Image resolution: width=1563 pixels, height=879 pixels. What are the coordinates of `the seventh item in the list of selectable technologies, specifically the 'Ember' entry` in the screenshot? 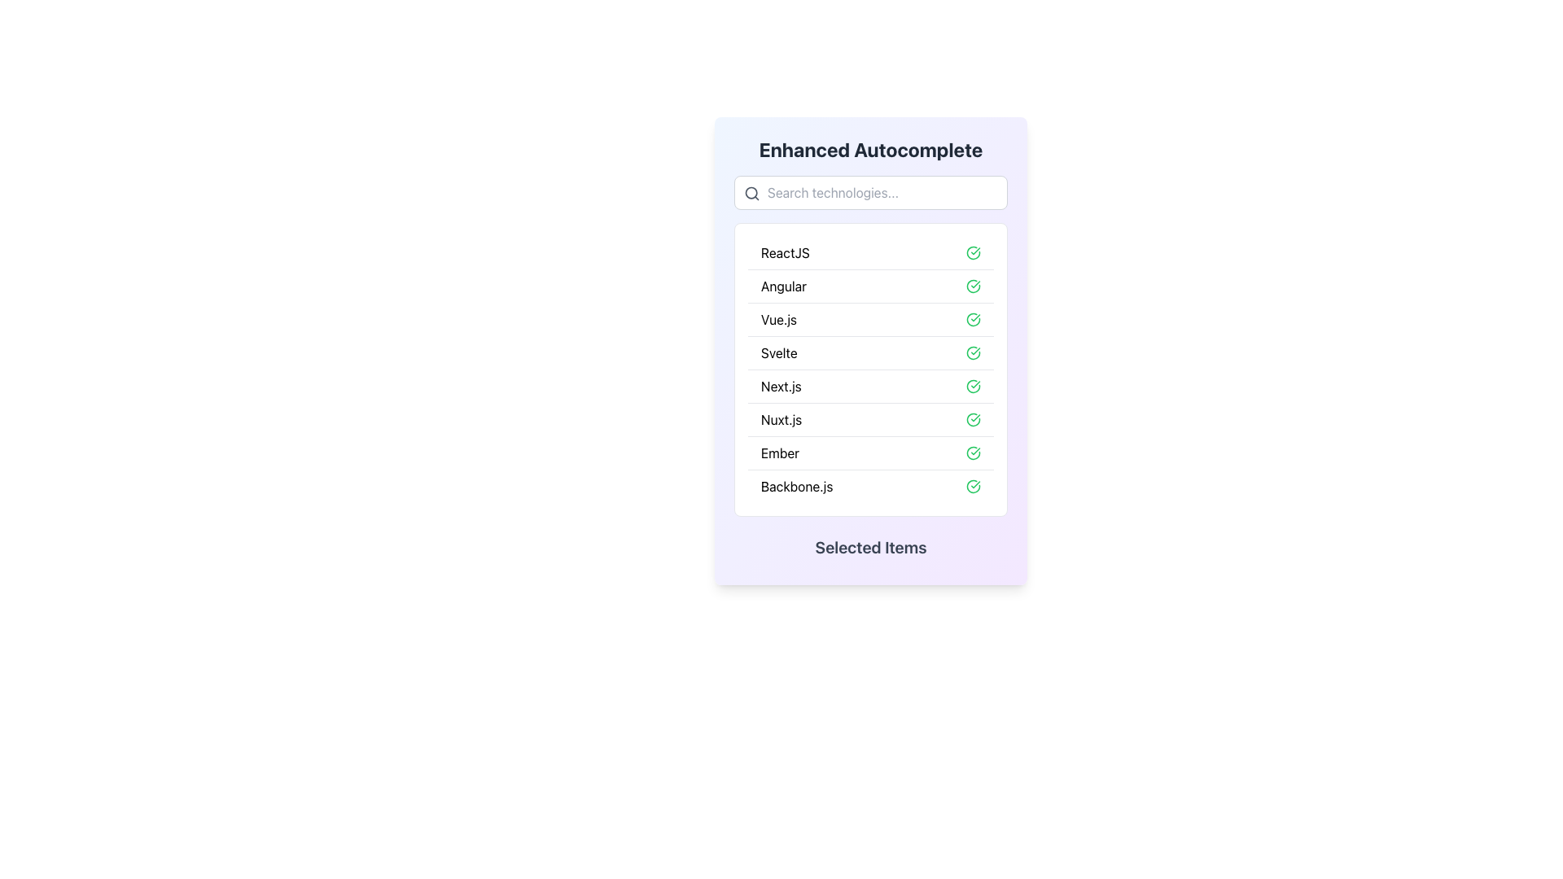 It's located at (870, 453).